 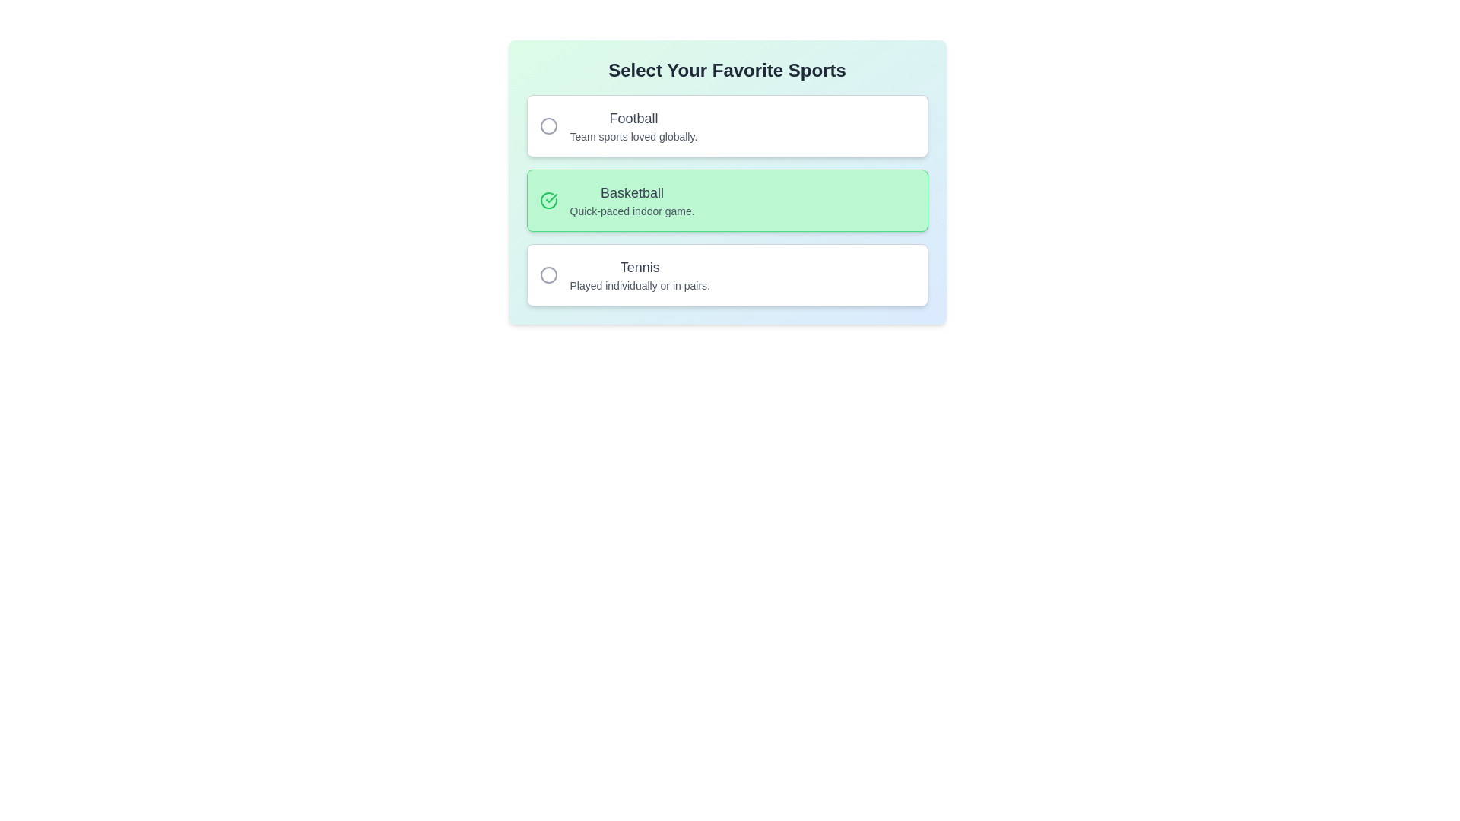 What do you see at coordinates (547, 275) in the screenshot?
I see `the unfilled circular radio button indicator associated with the 'Tennis' option` at bounding box center [547, 275].